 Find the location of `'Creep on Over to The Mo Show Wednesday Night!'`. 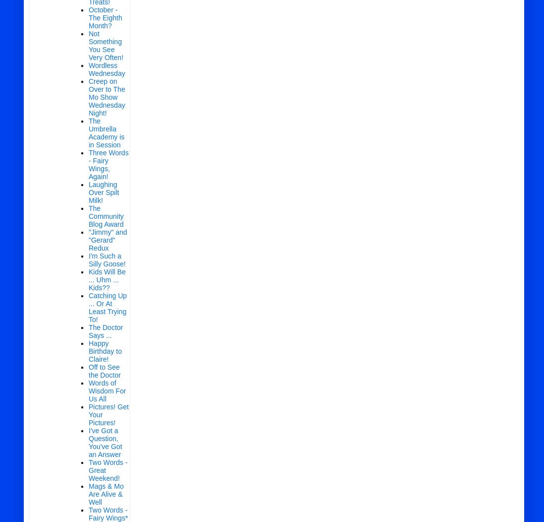

'Creep on Over to The Mo Show Wednesday Night!' is located at coordinates (106, 97).